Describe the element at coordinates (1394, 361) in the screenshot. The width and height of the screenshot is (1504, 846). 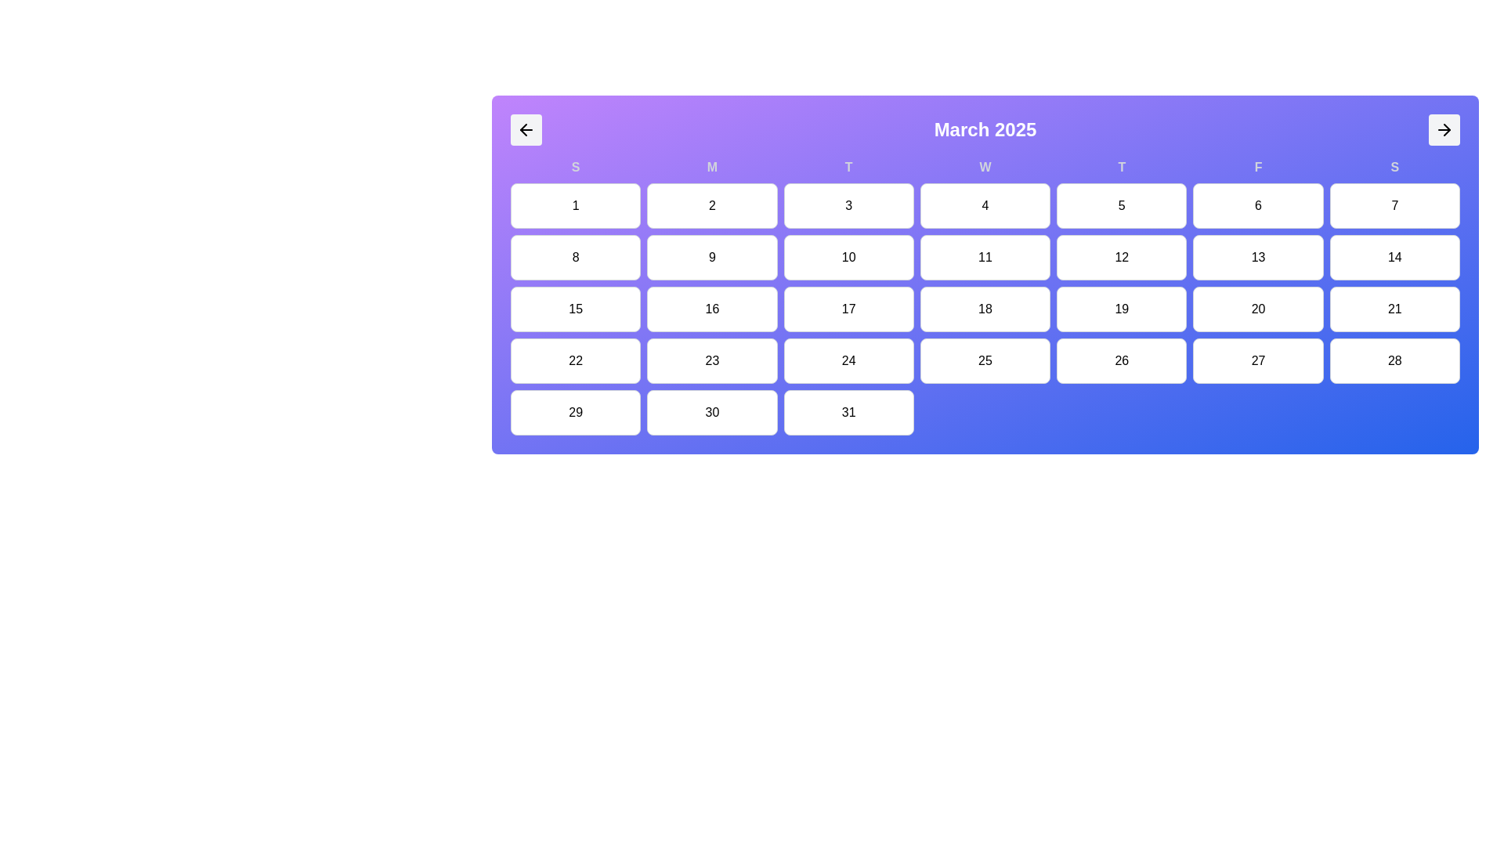
I see `the clickable calendar grid cell representing the 28th day` at that location.